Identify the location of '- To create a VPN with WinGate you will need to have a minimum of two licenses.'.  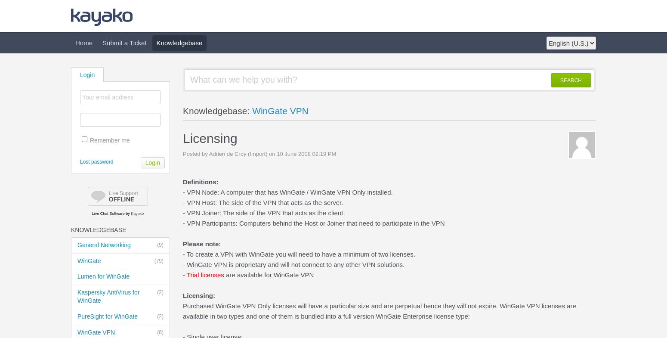
(183, 254).